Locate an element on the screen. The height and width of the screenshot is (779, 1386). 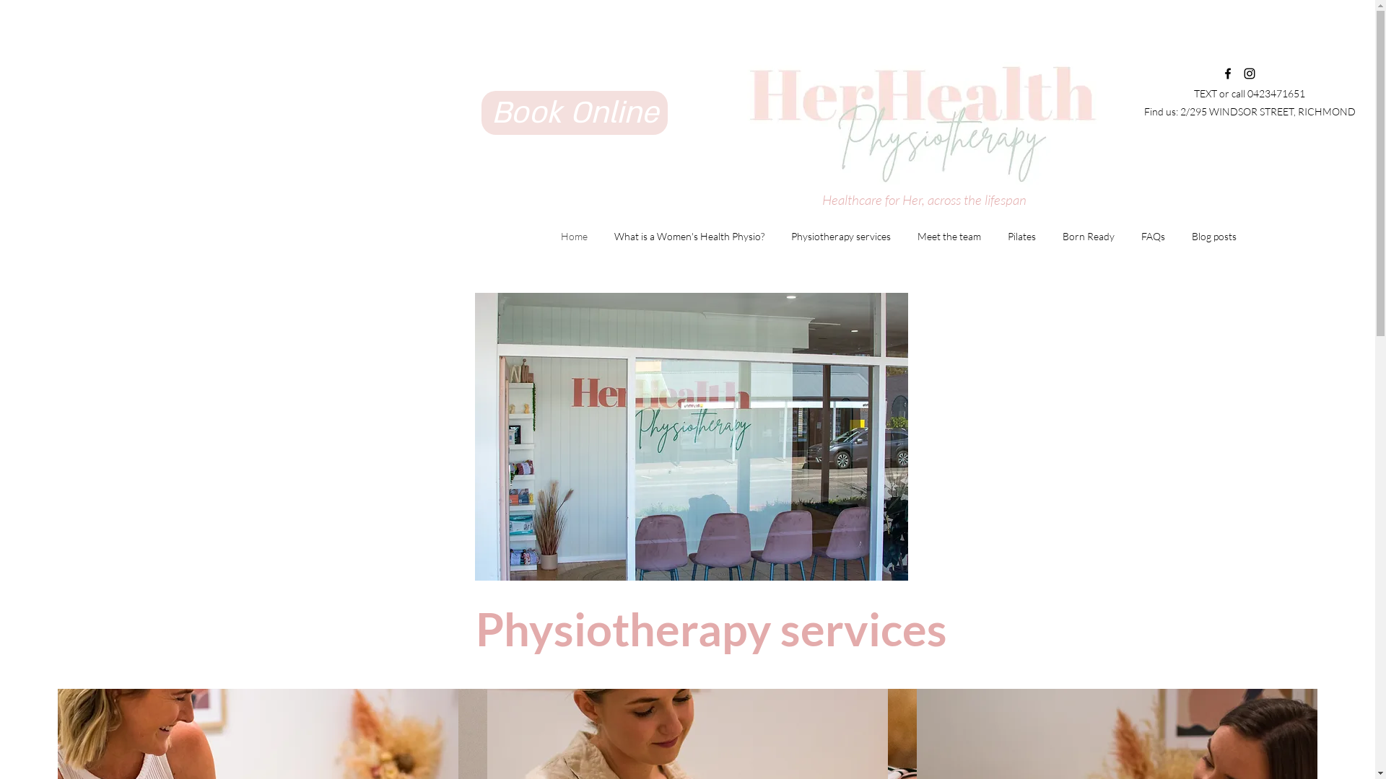
'Home' is located at coordinates (573, 235).